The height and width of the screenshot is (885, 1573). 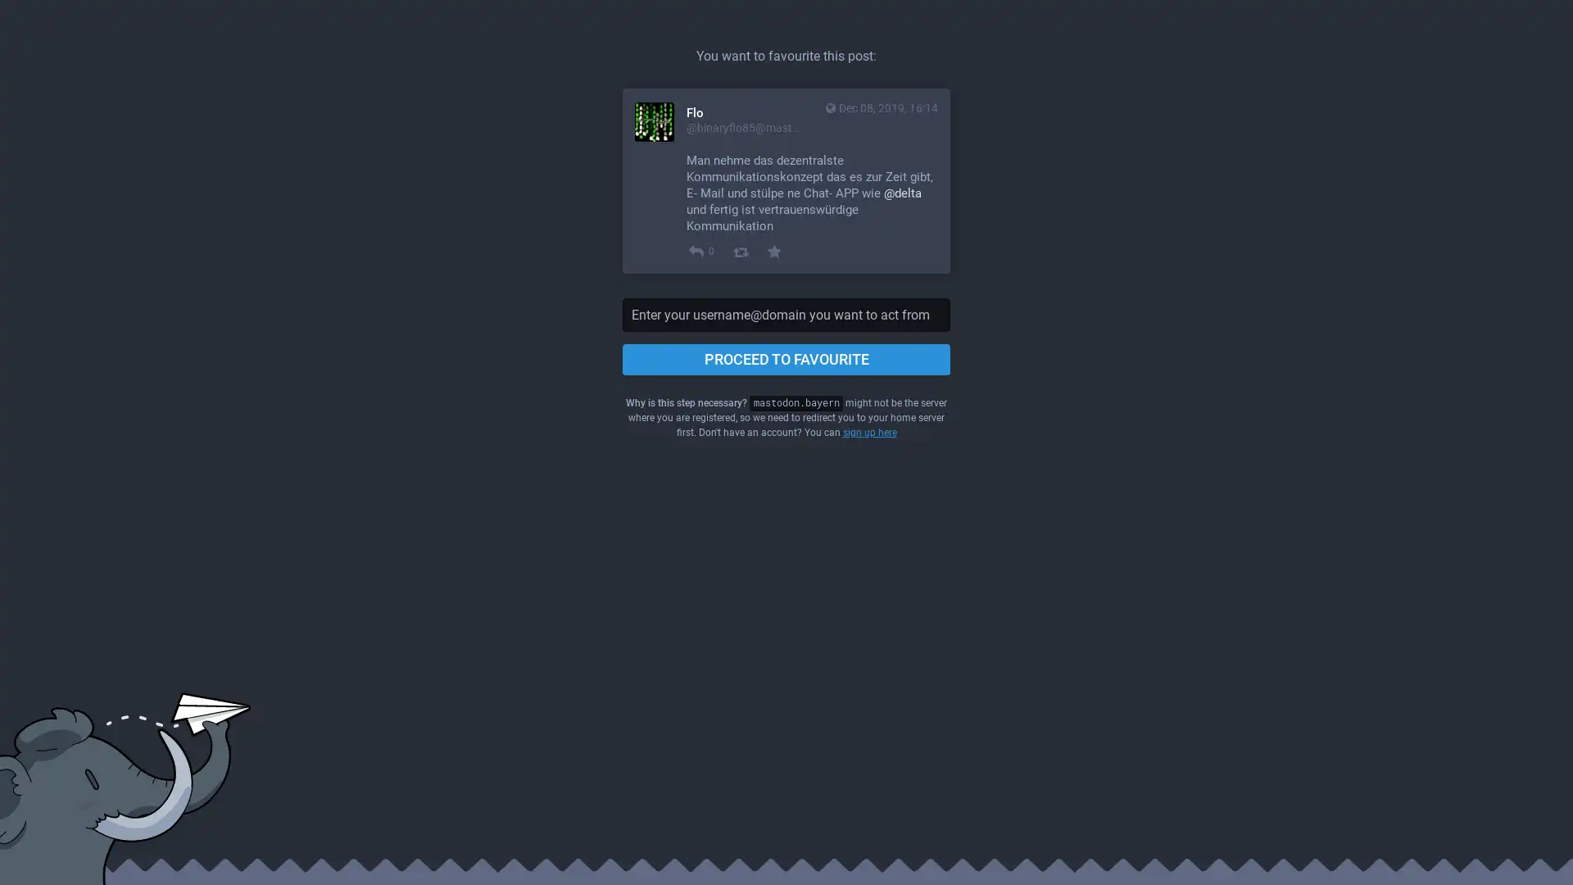 I want to click on PROCEED TO FAVOURITE, so click(x=786, y=359).